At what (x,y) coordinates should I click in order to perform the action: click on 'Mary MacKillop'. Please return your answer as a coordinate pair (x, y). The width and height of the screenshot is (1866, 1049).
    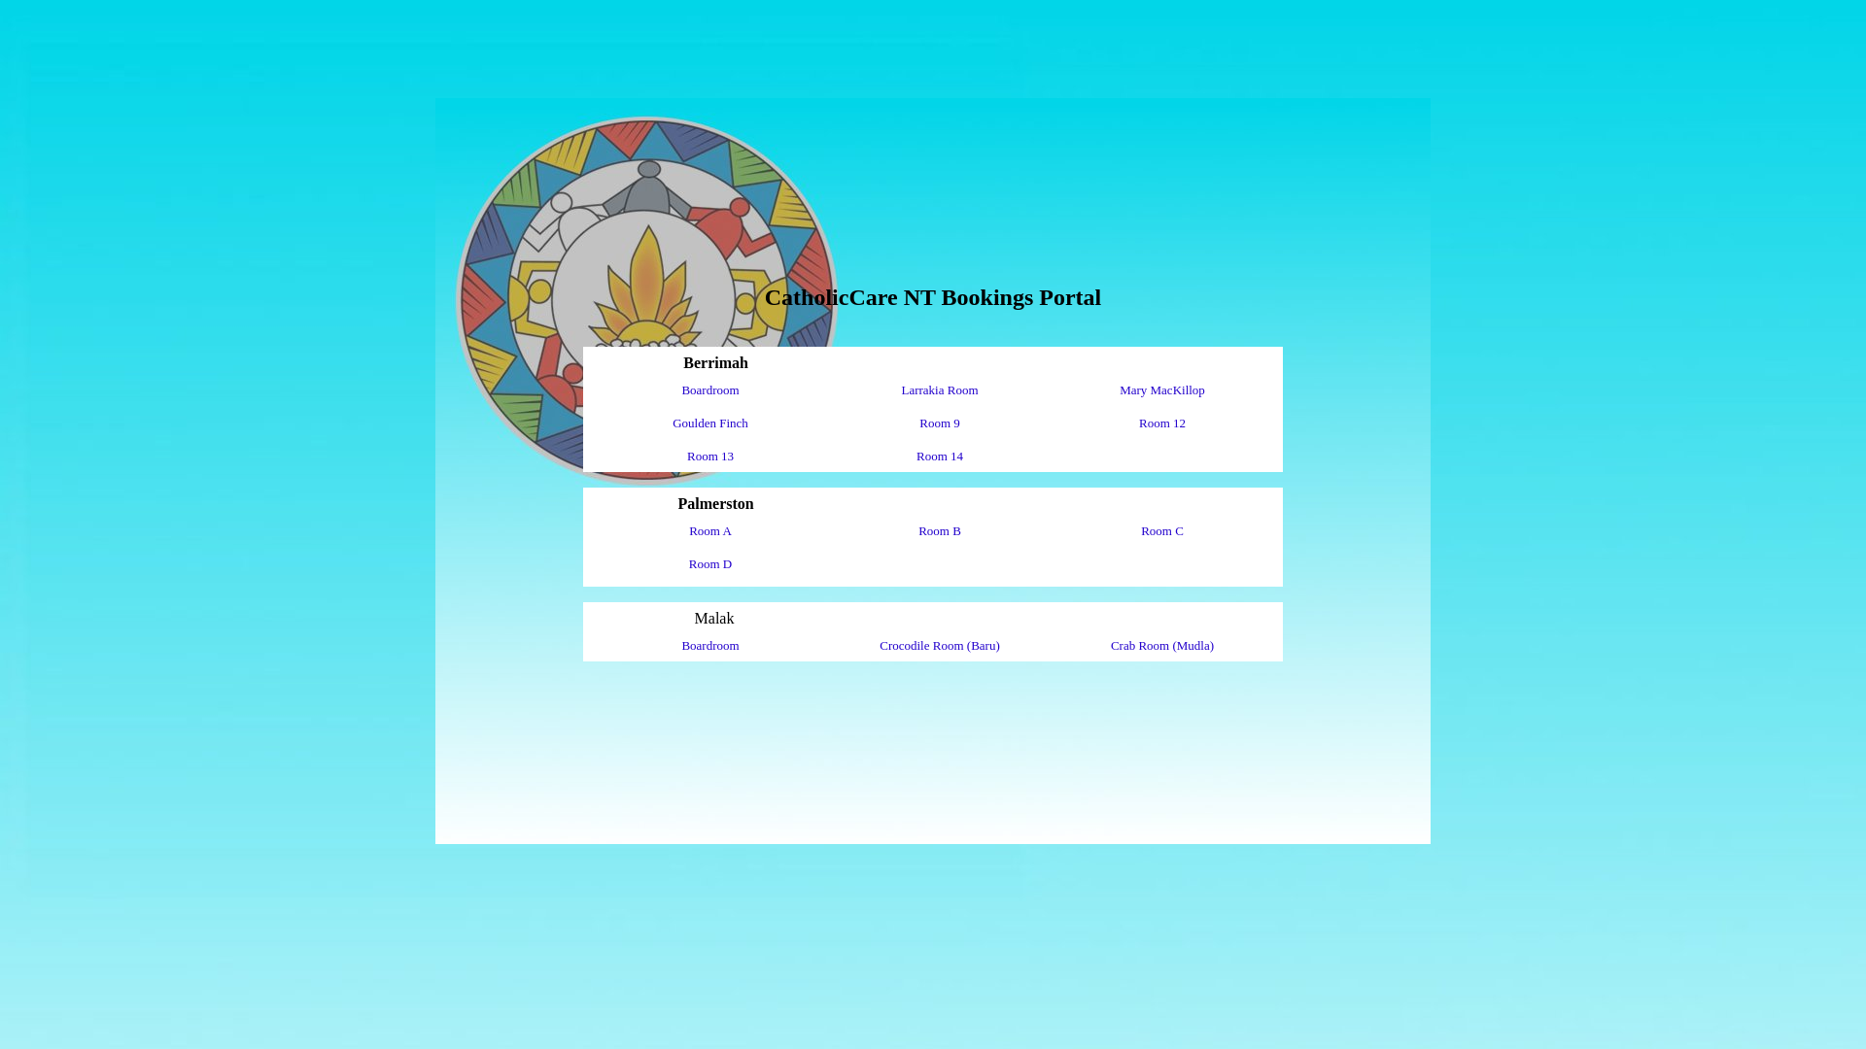
    Looking at the image, I should click on (1161, 389).